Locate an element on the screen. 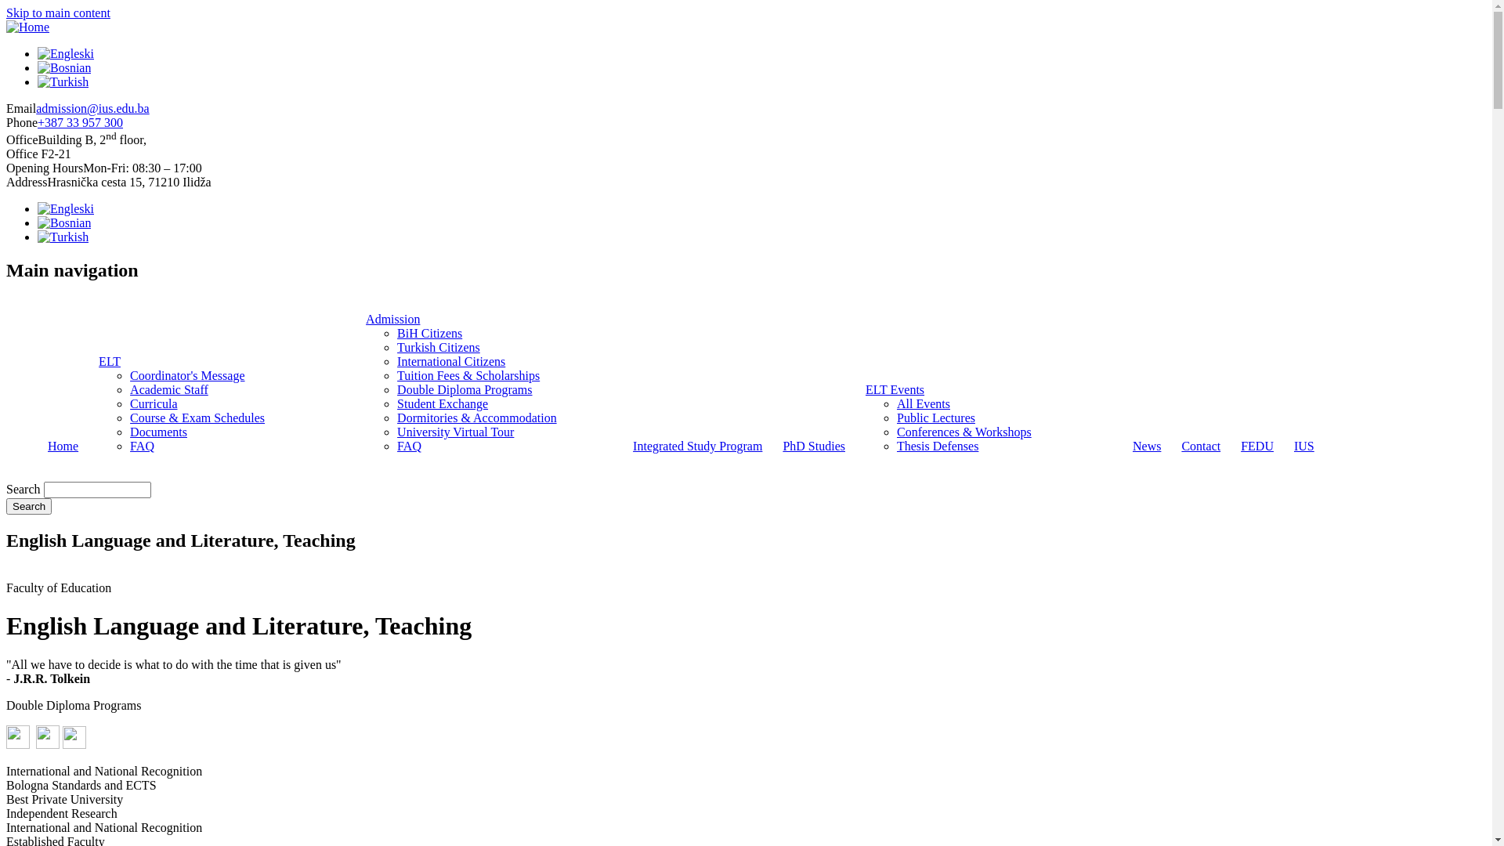 The height and width of the screenshot is (846, 1504). 'Turkish' is located at coordinates (63, 81).